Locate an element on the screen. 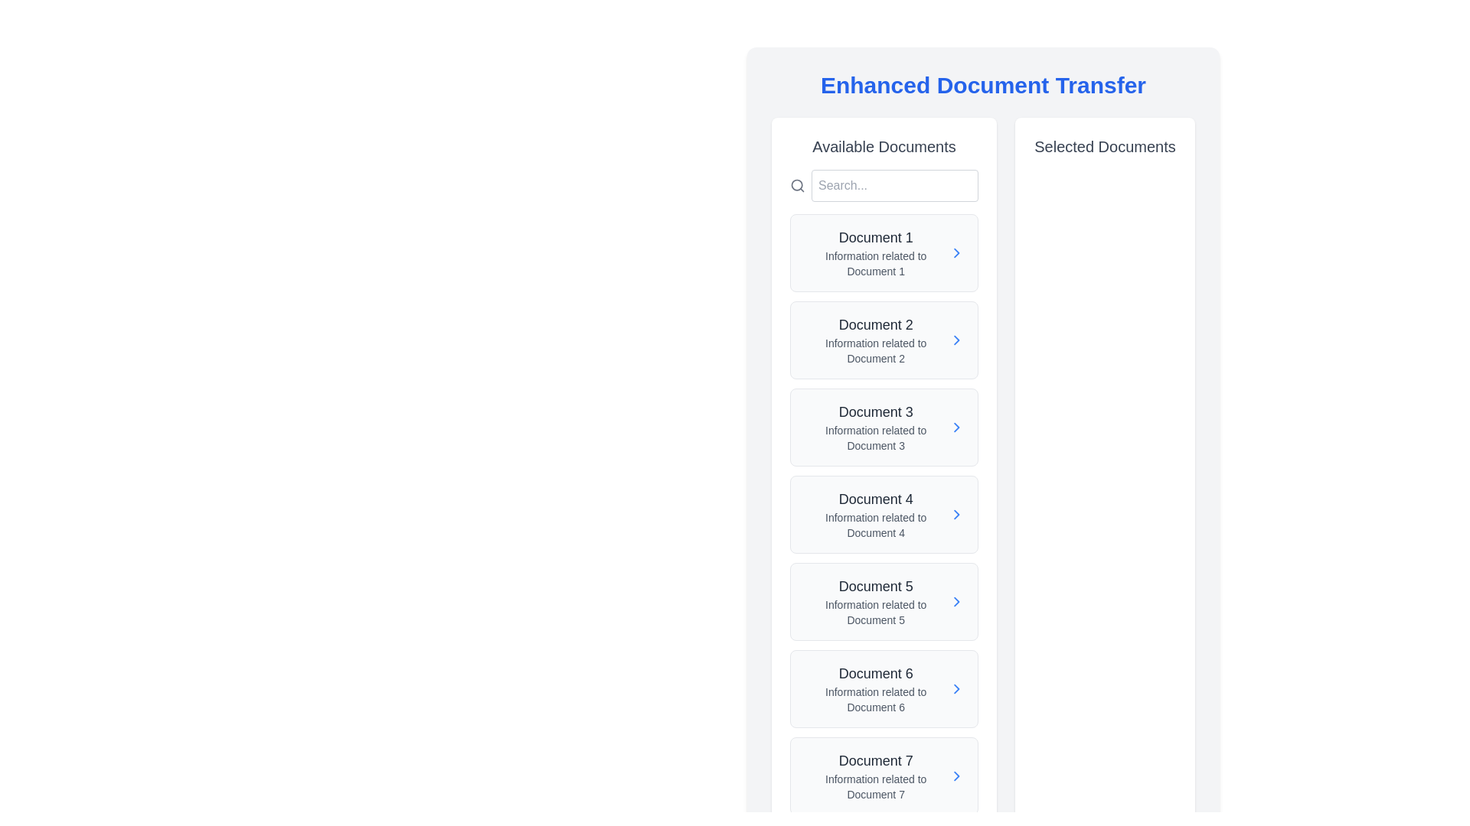 This screenshot has width=1470, height=826. the chevron arrow icon located at the far right of the 'Document 5' entry is located at coordinates (955, 600).